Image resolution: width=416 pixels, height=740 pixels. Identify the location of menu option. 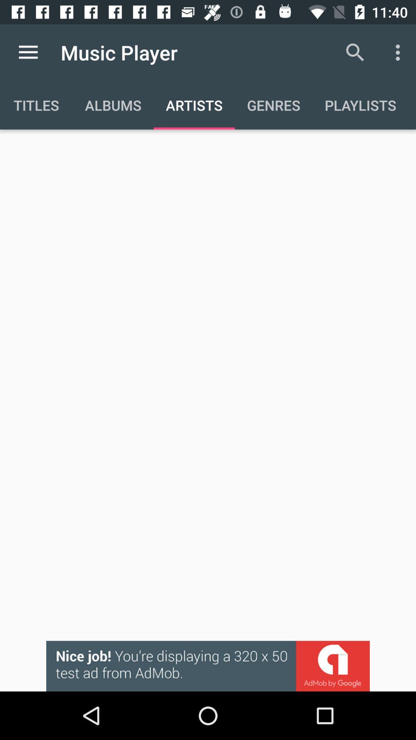
(28, 52).